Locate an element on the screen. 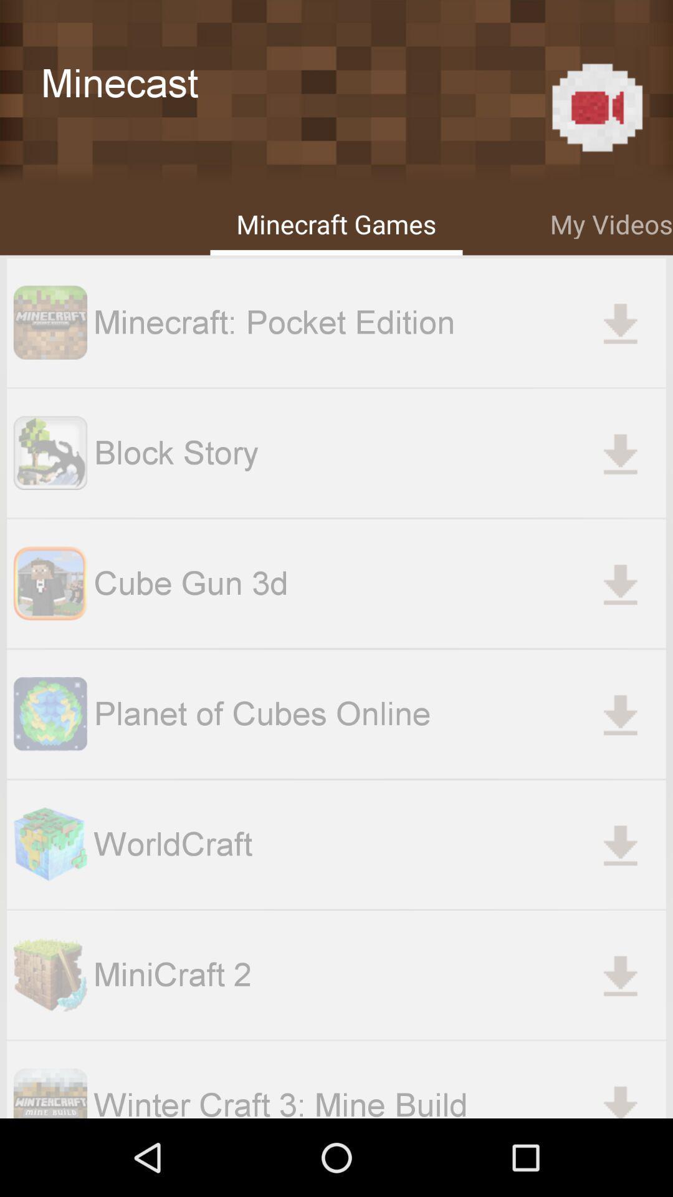 This screenshot has height=1197, width=673. the cube gun 3d item is located at coordinates (379, 583).